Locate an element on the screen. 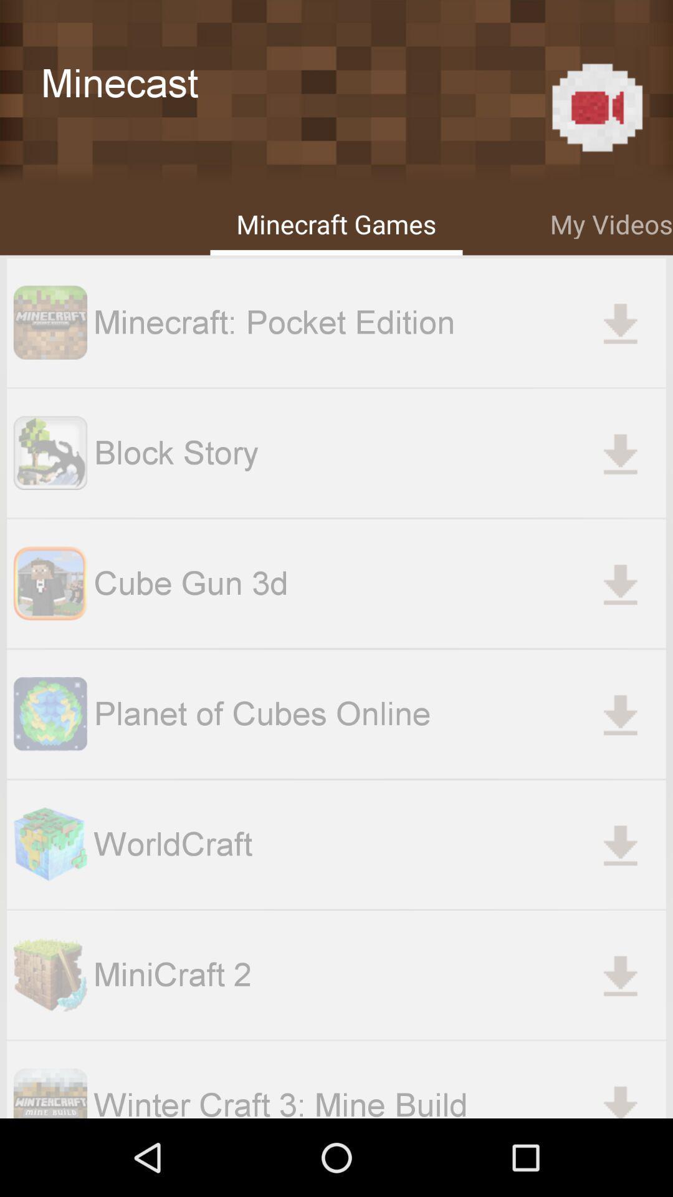 This screenshot has height=1197, width=673. the cube gun 3d item is located at coordinates (379, 583).